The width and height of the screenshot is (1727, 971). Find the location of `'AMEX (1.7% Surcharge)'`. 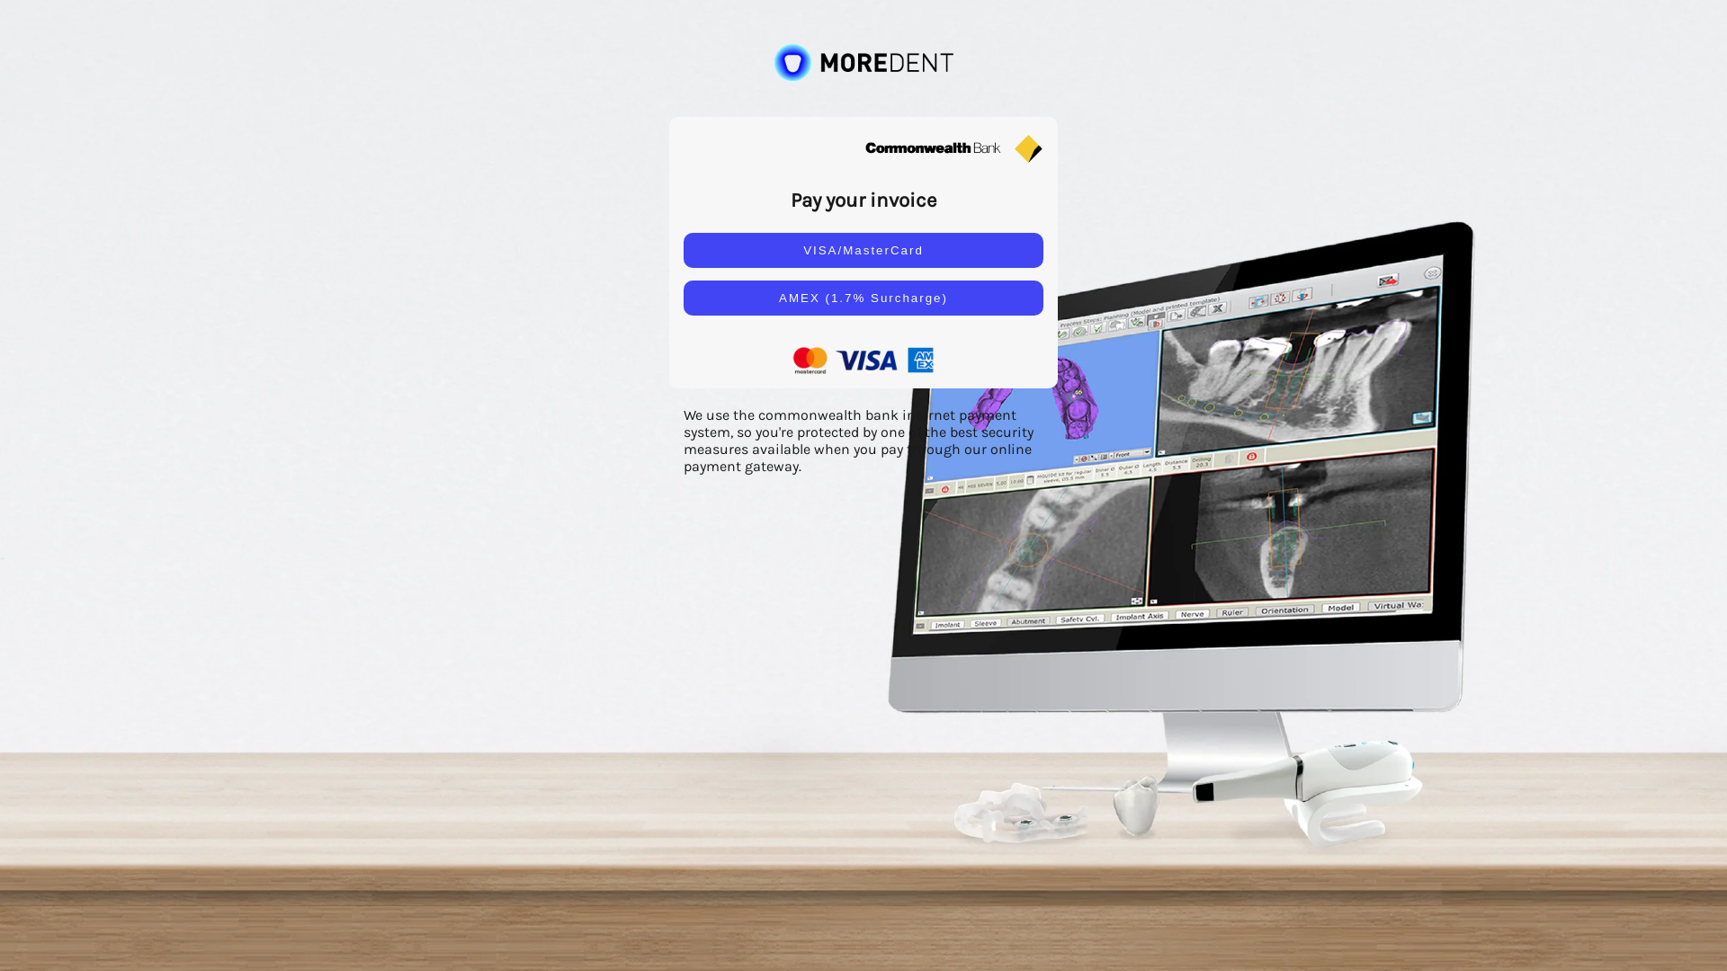

'AMEX (1.7% Surcharge)' is located at coordinates (863, 297).